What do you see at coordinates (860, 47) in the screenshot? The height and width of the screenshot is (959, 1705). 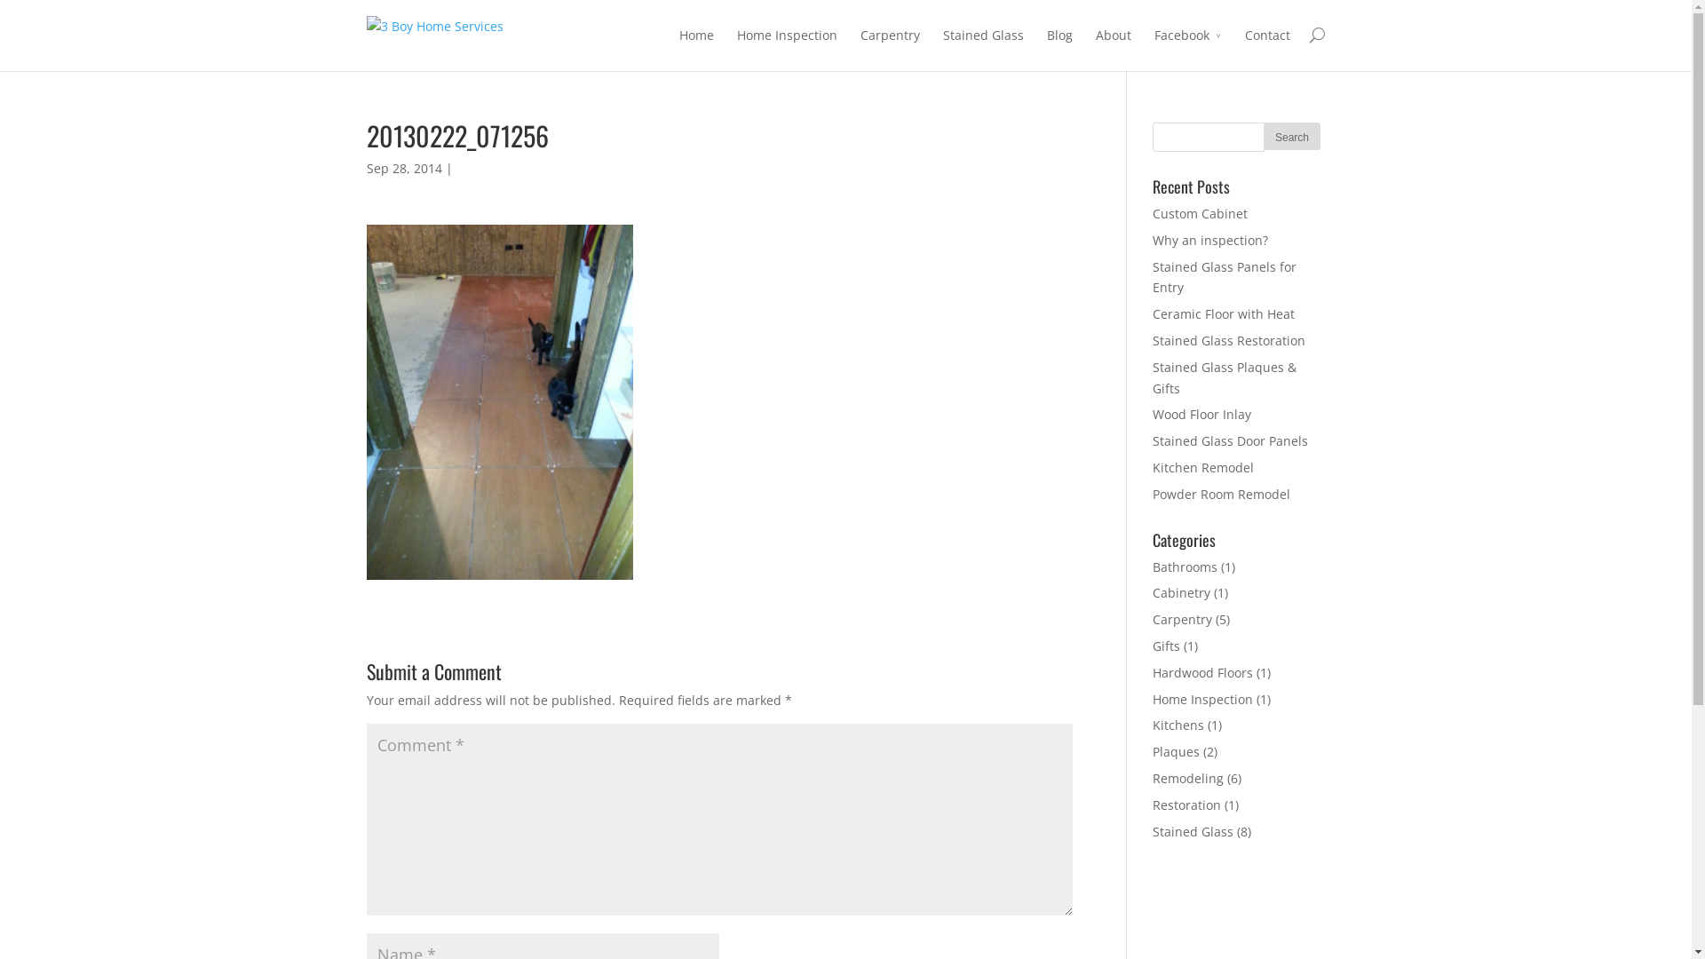 I see `'Carpentry'` at bounding box center [860, 47].